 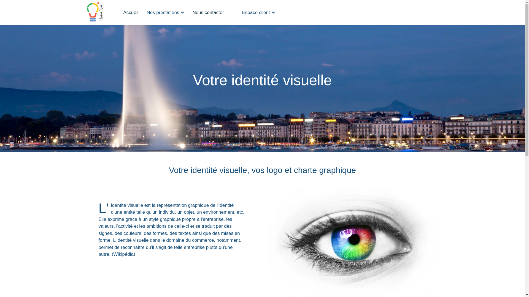 What do you see at coordinates (207, 12) in the screenshot?
I see `'Nous contacter'` at bounding box center [207, 12].